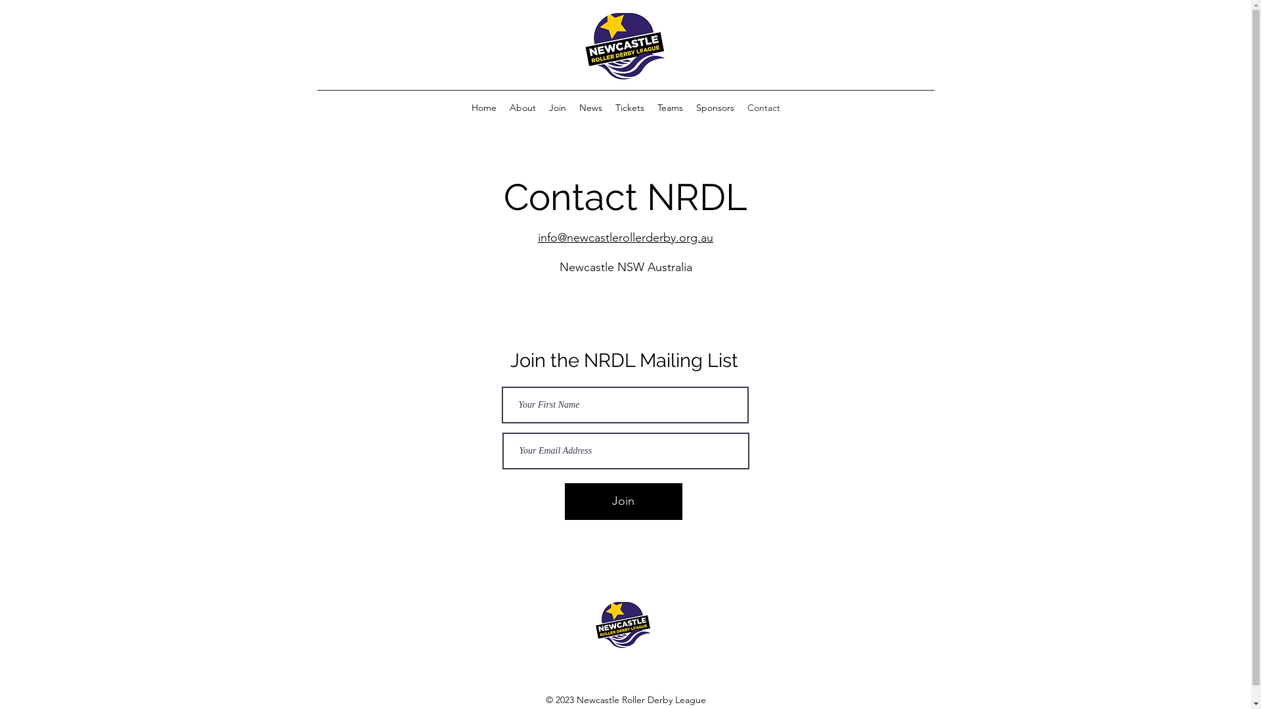 This screenshot has width=1261, height=709. What do you see at coordinates (538, 238) in the screenshot?
I see `'info@newcastlerollerderby.org.au'` at bounding box center [538, 238].